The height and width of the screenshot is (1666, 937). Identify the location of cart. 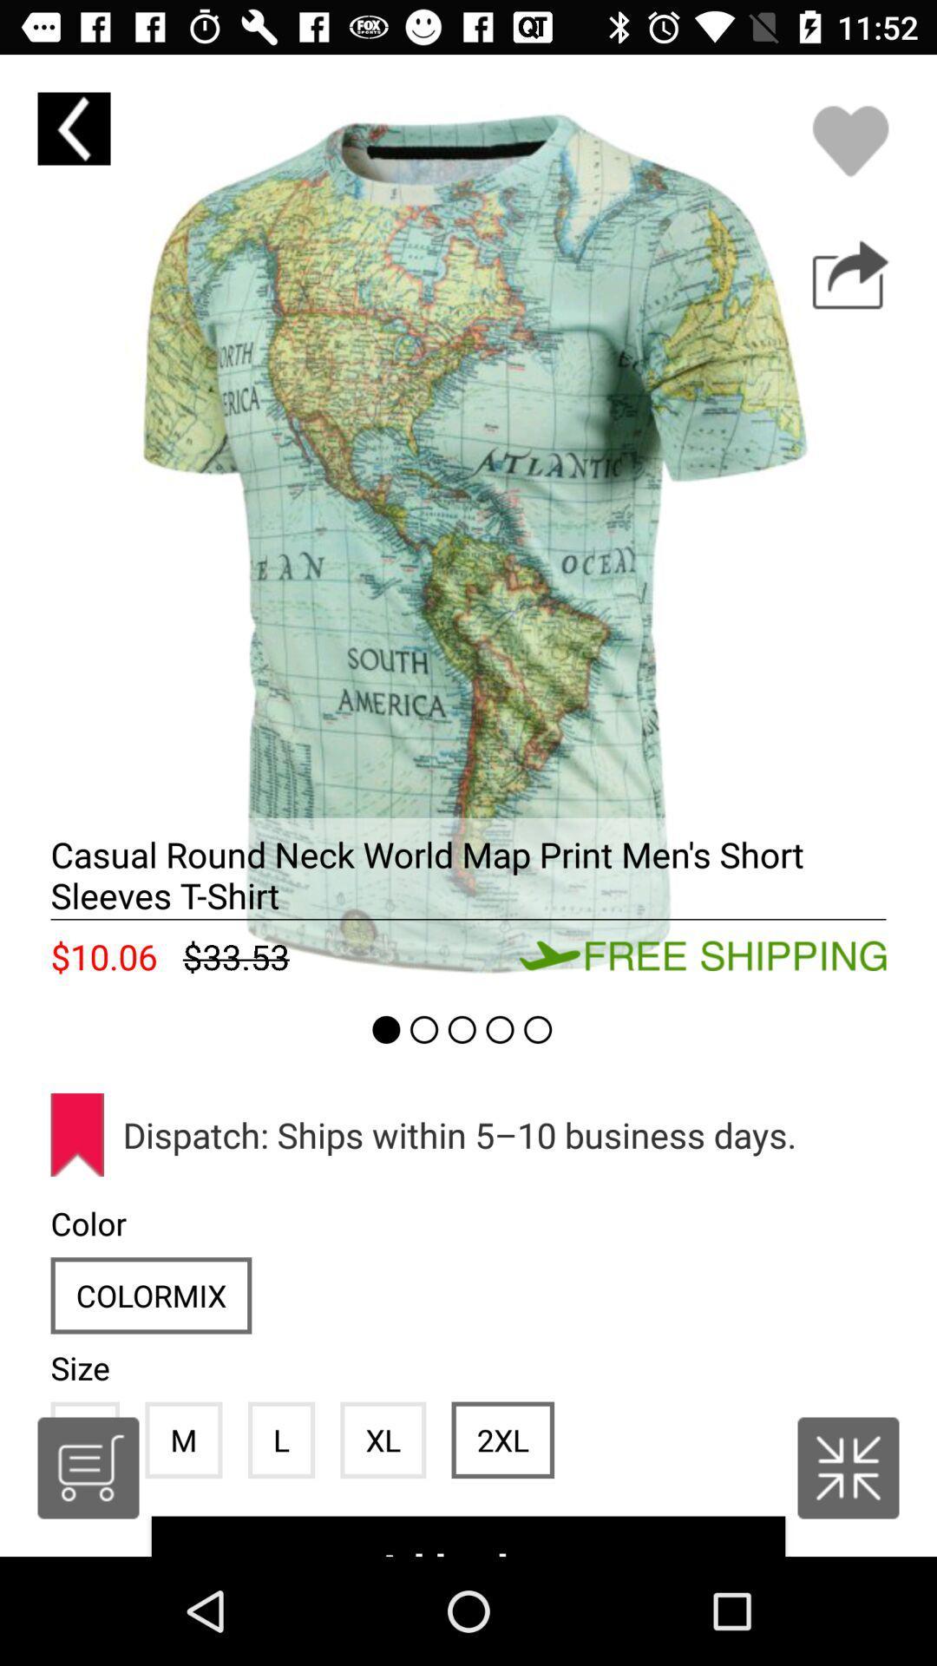
(88, 1467).